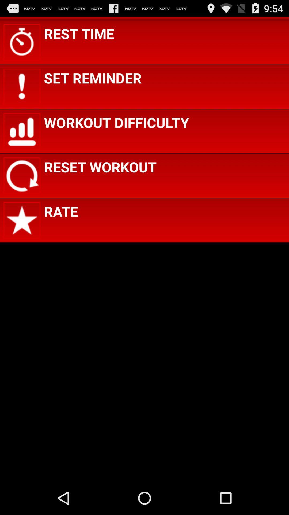  Describe the element at coordinates (100, 167) in the screenshot. I see `reset workout app` at that location.